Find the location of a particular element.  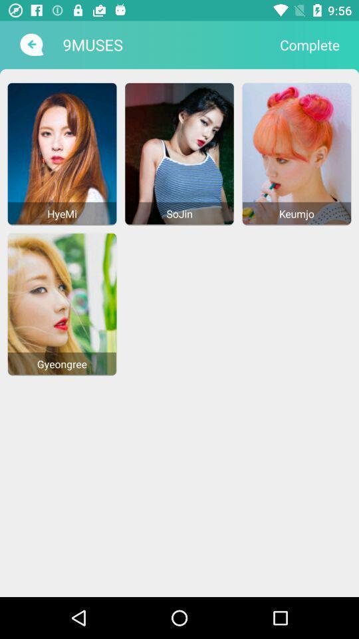

the icon to the left of 9muses icon is located at coordinates (30, 45).